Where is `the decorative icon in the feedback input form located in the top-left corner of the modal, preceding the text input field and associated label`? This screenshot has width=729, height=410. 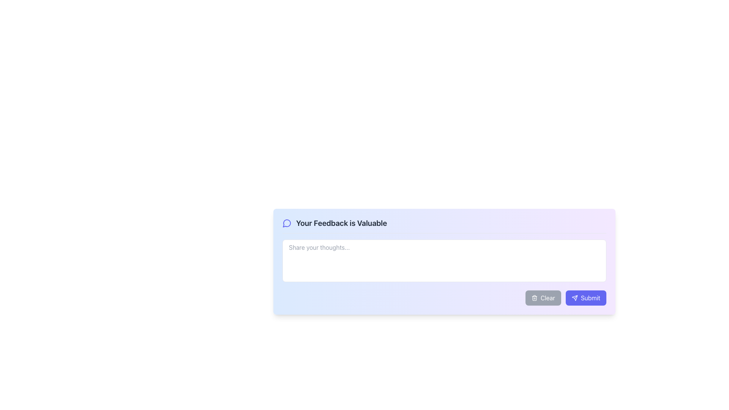
the decorative icon in the feedback input form located in the top-left corner of the modal, preceding the text input field and associated label is located at coordinates (286, 223).